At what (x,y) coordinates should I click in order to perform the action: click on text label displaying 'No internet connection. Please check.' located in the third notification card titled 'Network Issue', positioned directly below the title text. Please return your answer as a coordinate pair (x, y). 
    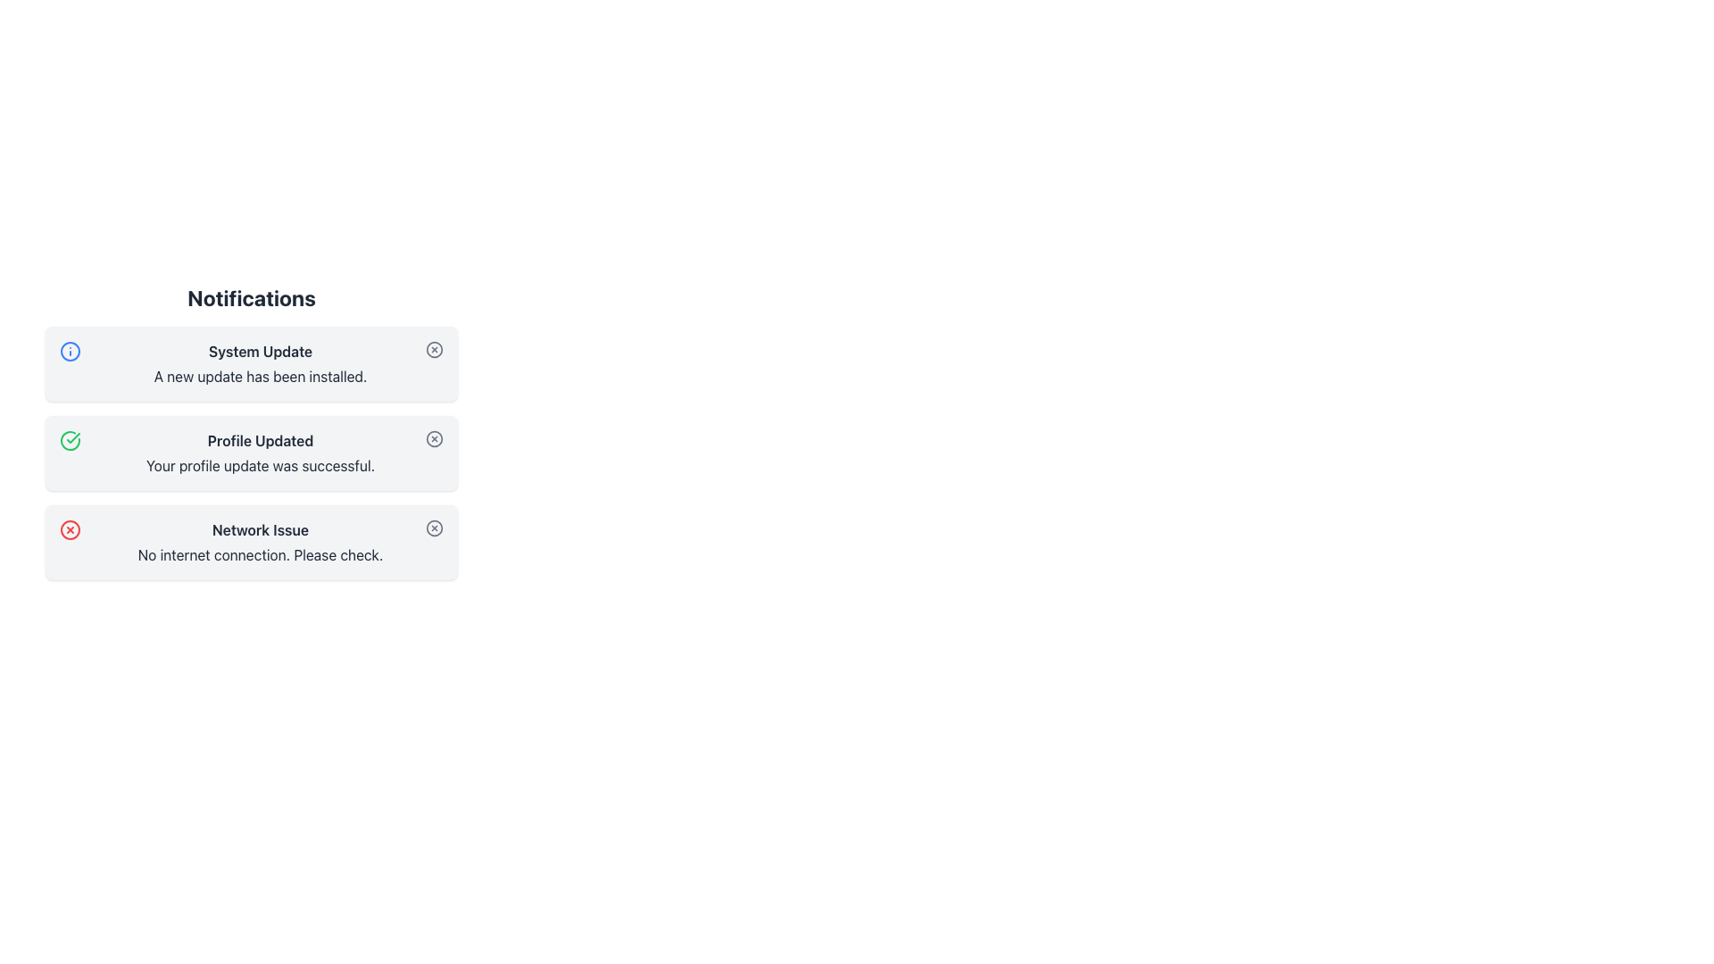
    Looking at the image, I should click on (260, 553).